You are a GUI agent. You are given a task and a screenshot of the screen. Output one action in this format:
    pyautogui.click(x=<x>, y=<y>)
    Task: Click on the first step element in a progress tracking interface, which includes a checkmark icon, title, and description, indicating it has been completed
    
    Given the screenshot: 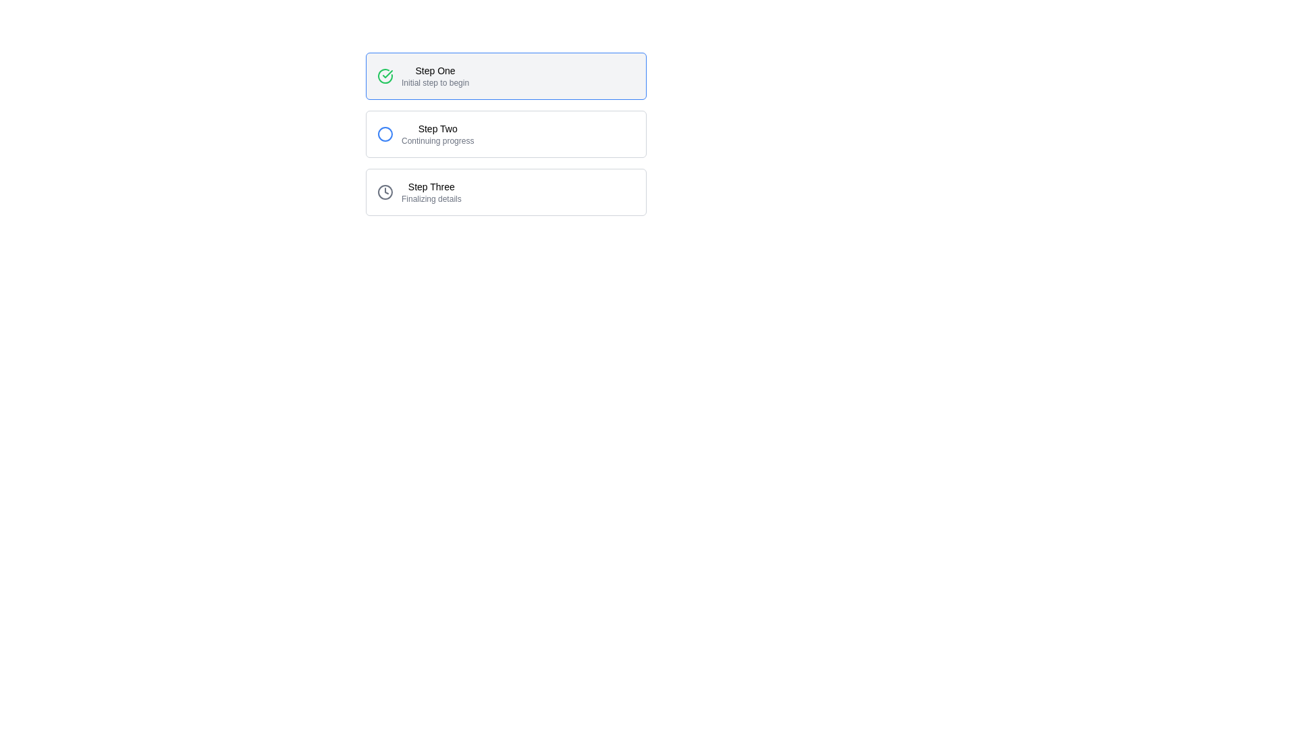 What is the action you would take?
    pyautogui.click(x=505, y=76)
    